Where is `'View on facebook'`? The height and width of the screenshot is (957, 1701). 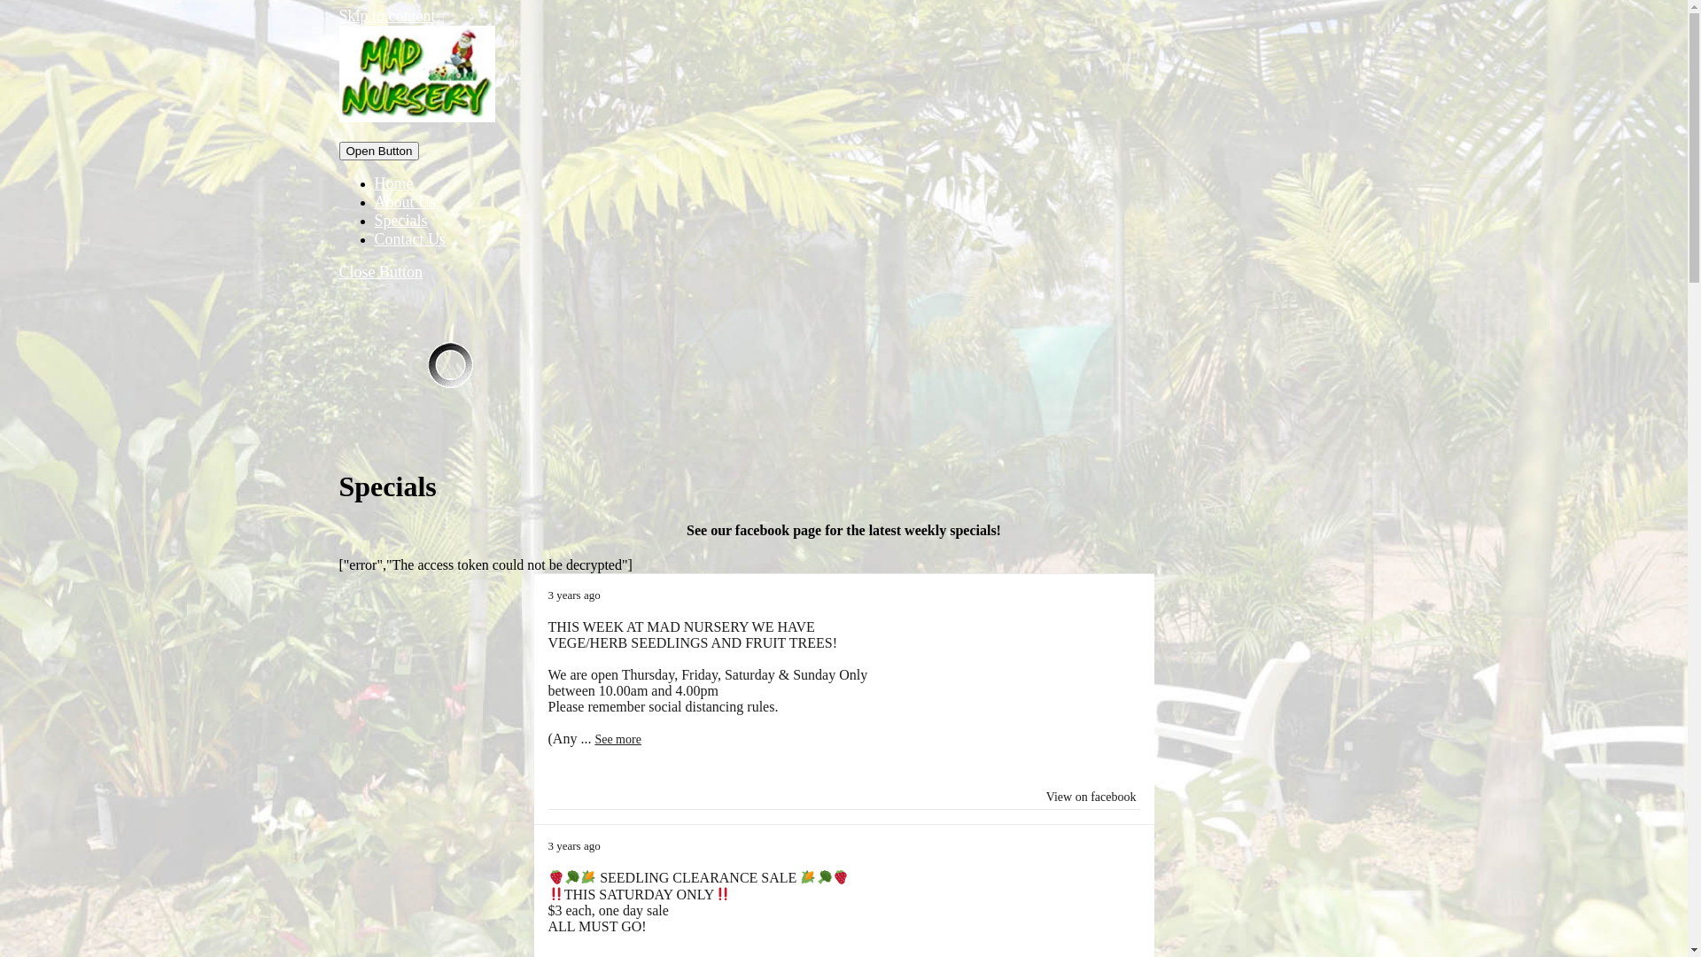
'View on facebook' is located at coordinates (1091, 796).